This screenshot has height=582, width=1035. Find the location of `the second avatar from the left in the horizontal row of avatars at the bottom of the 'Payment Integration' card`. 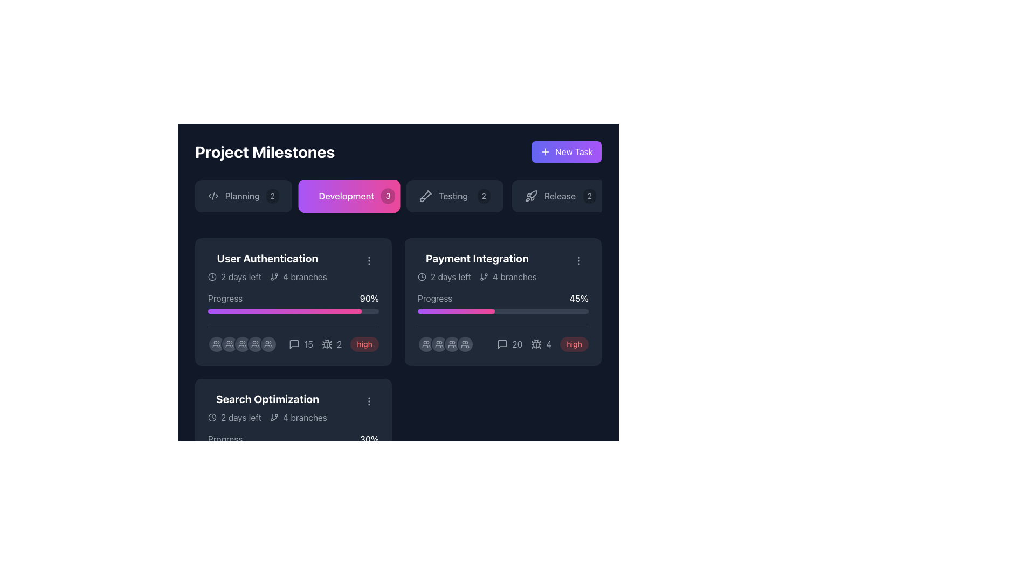

the second avatar from the left in the horizontal row of avatars at the bottom of the 'Payment Integration' card is located at coordinates (439, 344).